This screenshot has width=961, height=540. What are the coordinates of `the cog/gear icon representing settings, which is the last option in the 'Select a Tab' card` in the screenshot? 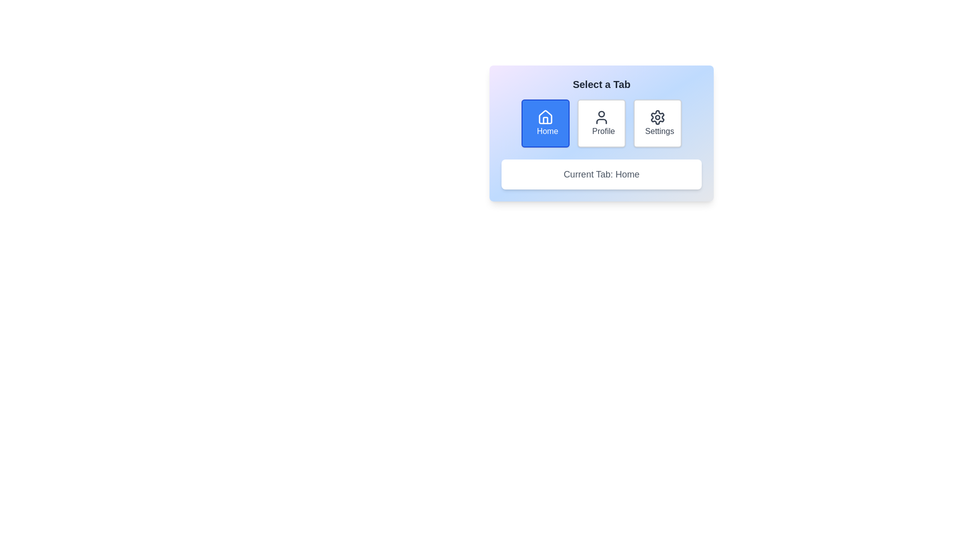 It's located at (658, 117).